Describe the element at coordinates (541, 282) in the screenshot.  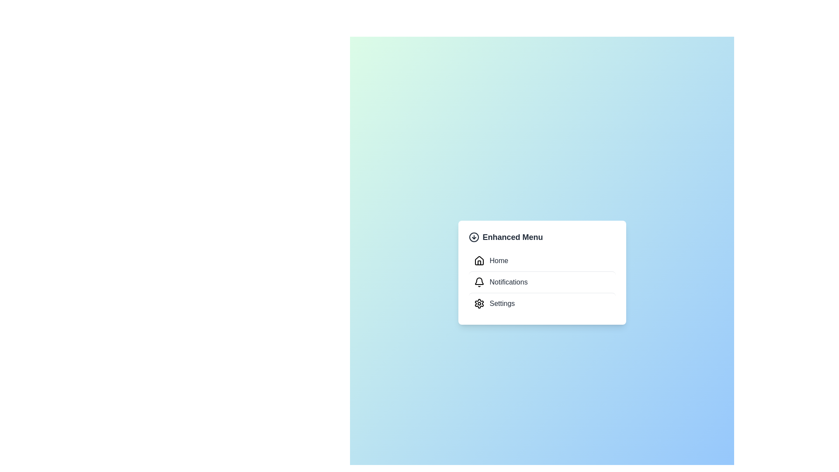
I see `the Notifications menu item to navigate` at that location.